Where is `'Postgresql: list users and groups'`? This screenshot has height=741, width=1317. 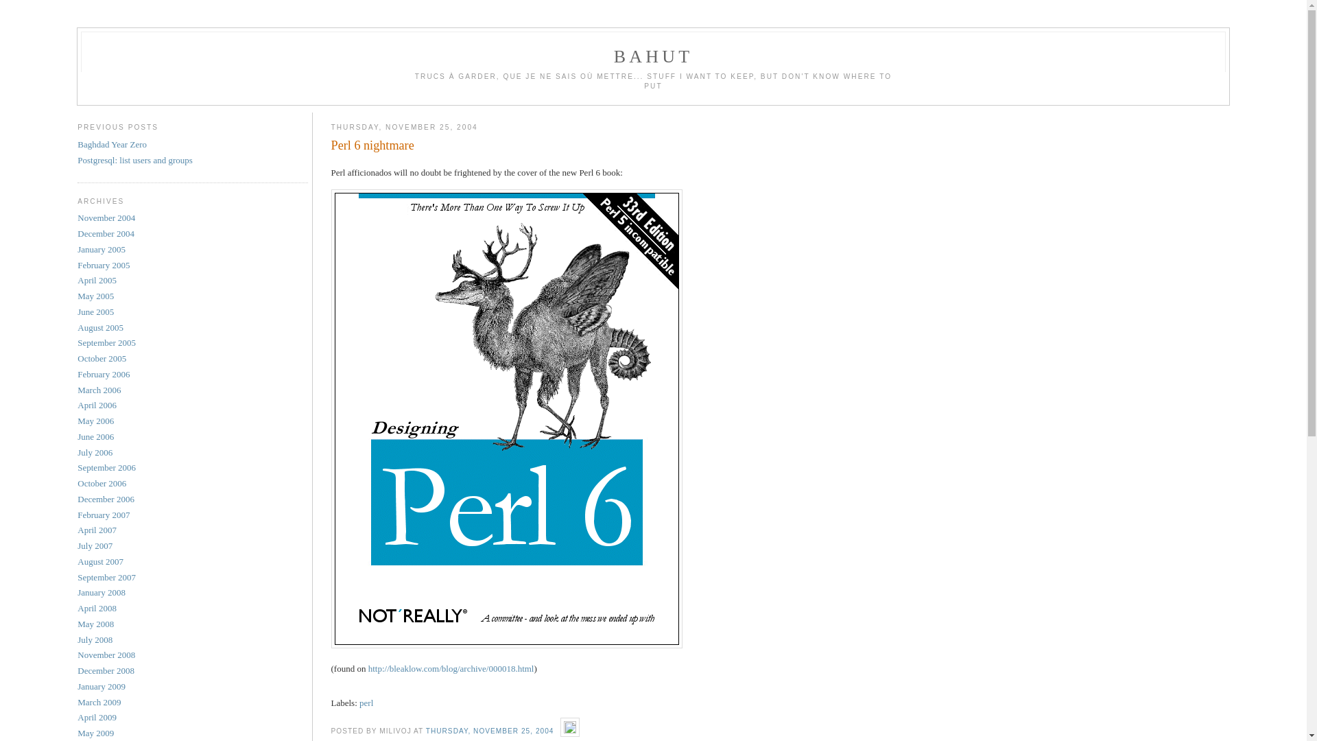 'Postgresql: list users and groups' is located at coordinates (134, 159).